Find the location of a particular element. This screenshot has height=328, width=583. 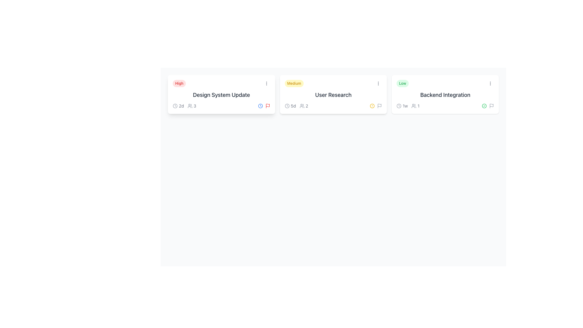

the Informational item containing a time icon with '5d' and a users icon with '2', located in the 'User Research' card under the yellow 'Medium' tag is located at coordinates (296, 105).